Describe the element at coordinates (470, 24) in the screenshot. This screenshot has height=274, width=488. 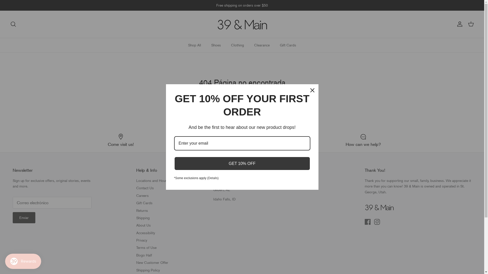
I see `'Carrito'` at that location.